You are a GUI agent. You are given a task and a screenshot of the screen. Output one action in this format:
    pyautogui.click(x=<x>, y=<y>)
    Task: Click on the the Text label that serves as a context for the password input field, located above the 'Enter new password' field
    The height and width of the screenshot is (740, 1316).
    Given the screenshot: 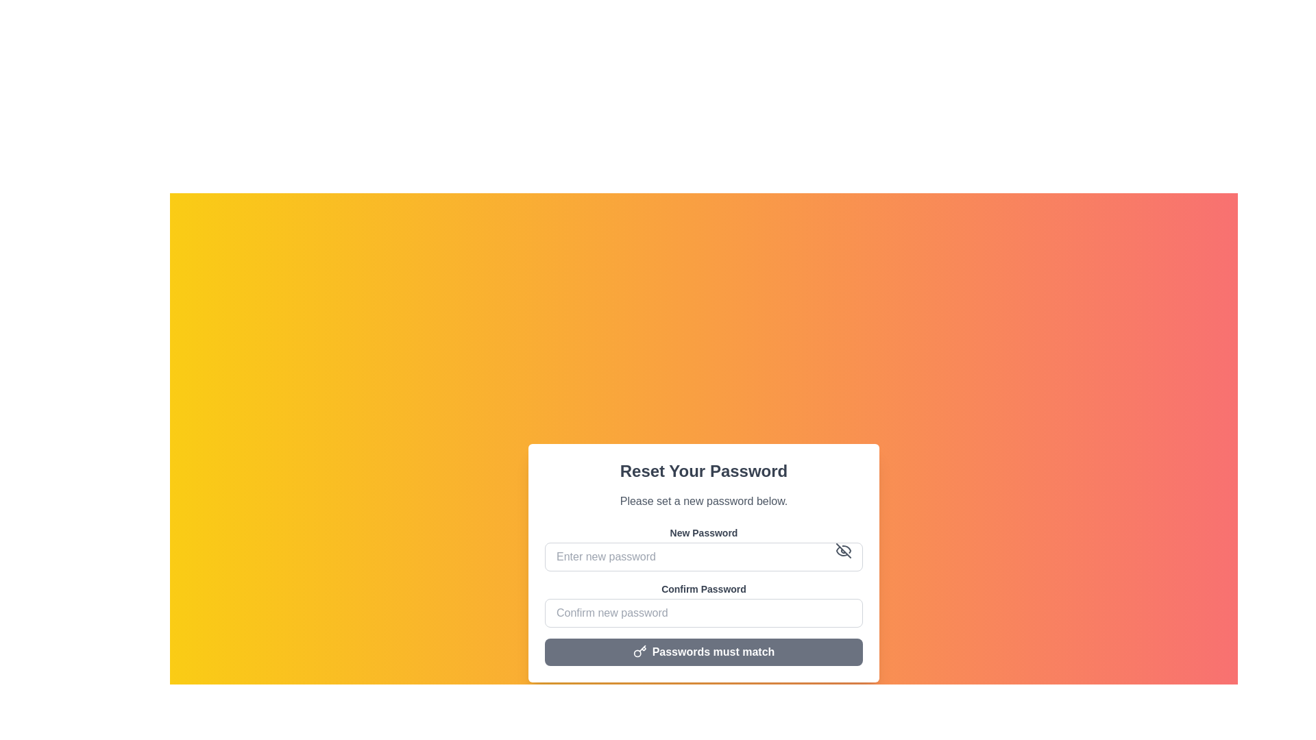 What is the action you would take?
    pyautogui.click(x=704, y=532)
    